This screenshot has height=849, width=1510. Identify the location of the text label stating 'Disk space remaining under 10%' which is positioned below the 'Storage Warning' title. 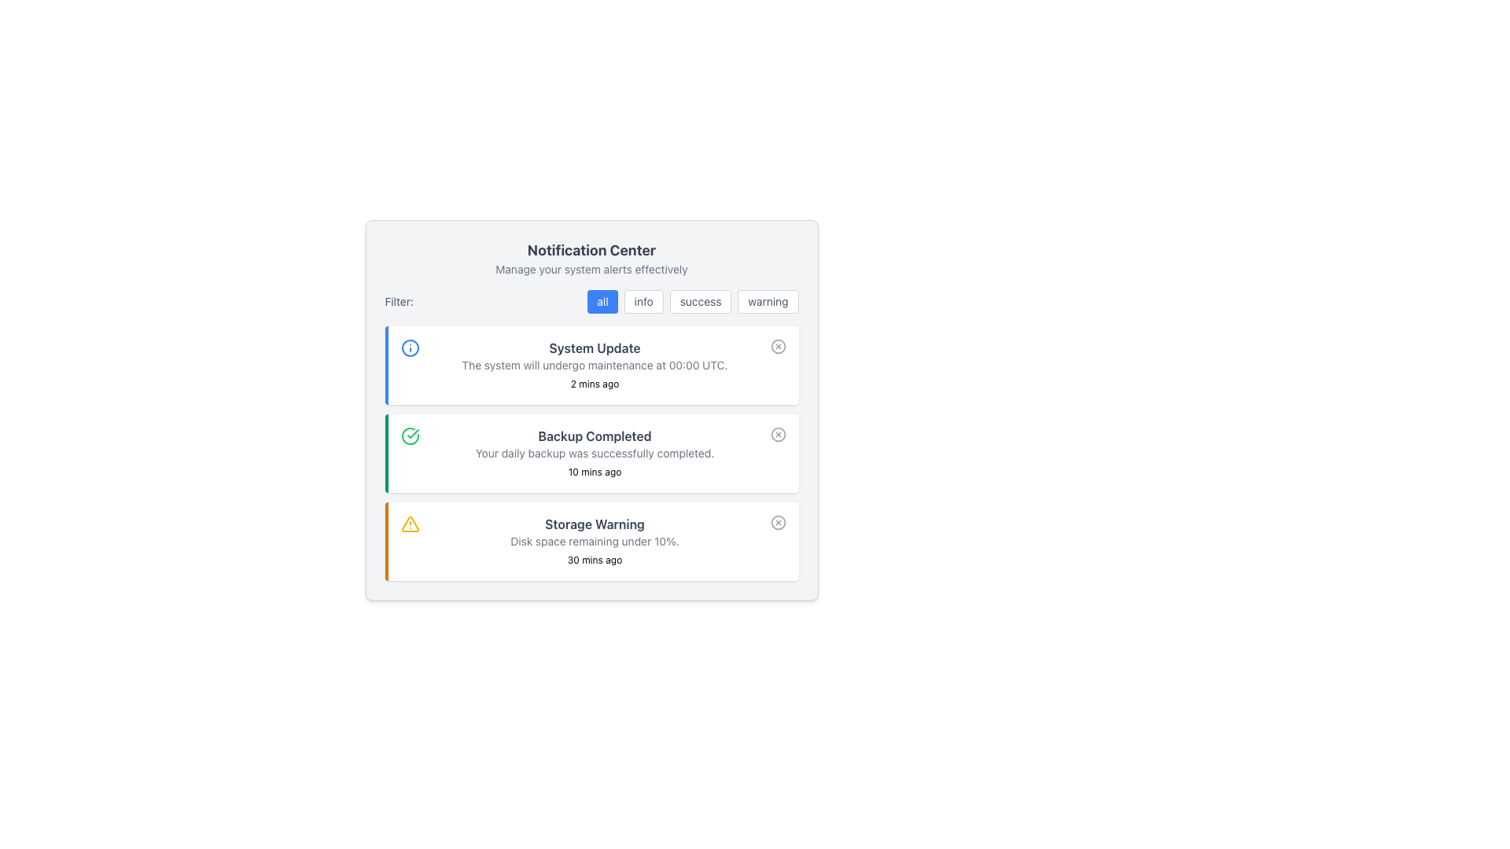
(594, 541).